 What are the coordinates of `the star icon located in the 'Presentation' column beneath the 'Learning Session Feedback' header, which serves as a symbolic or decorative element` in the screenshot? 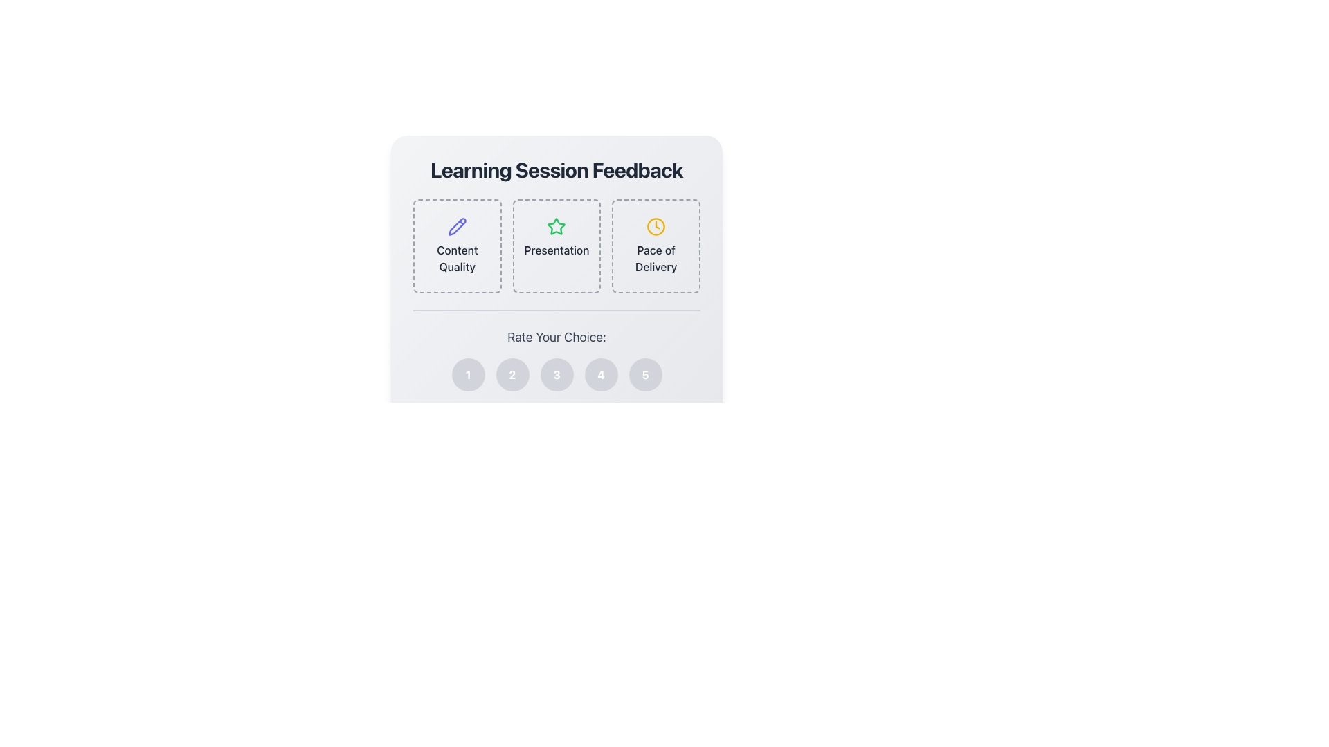 It's located at (557, 225).